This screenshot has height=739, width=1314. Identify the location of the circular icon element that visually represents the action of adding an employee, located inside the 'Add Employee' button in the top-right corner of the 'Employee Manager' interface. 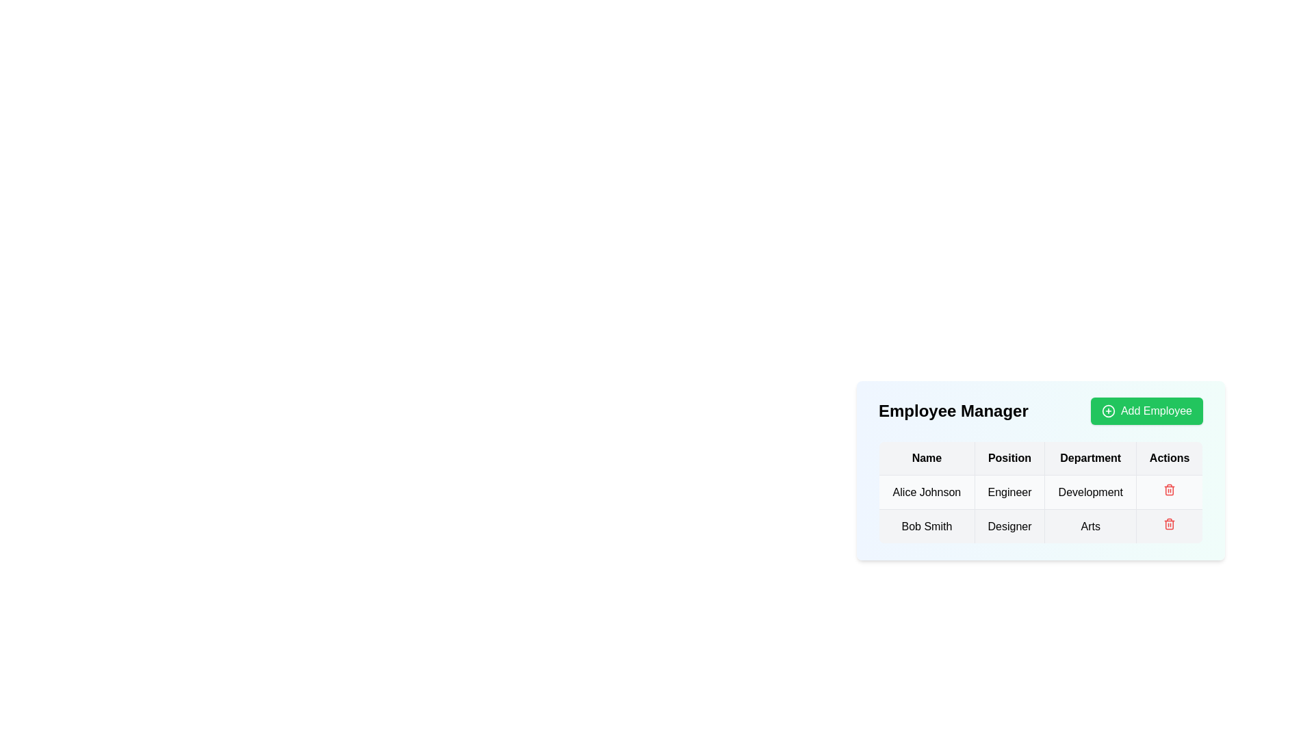
(1108, 411).